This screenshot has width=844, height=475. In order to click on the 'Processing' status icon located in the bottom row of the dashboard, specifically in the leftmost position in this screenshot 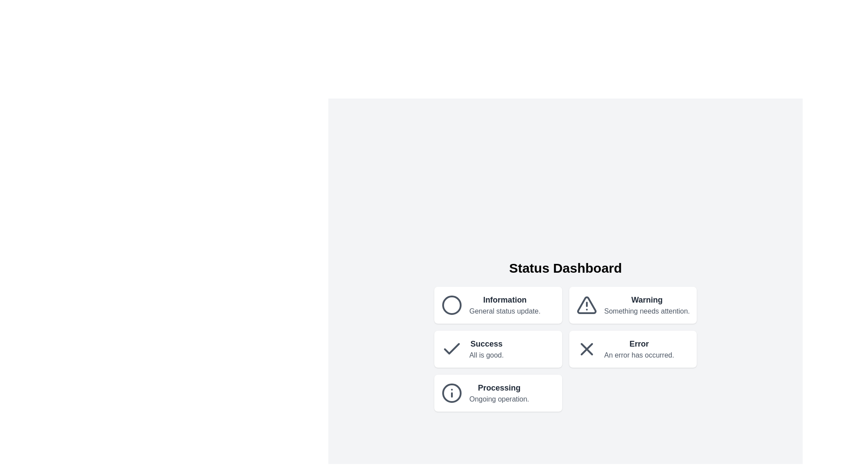, I will do `click(451, 393)`.